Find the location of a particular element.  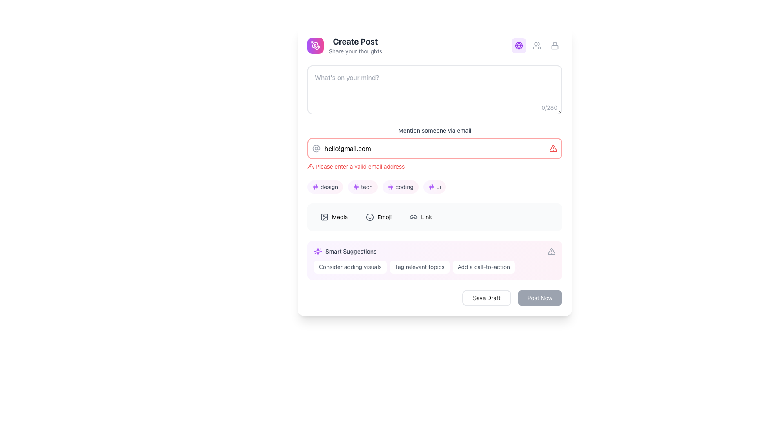

the first suggestion button for adding visual components to the post located at the bottom of the form is located at coordinates (350, 267).